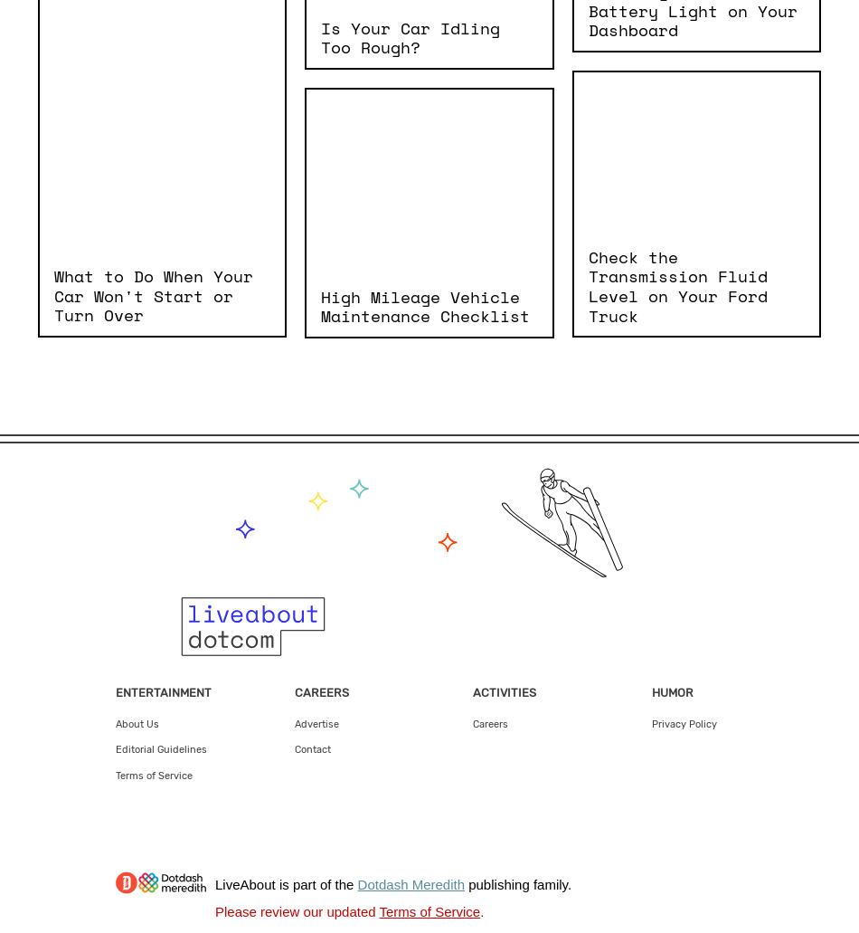 Image resolution: width=859 pixels, height=933 pixels. I want to click on 'Please review our updated', so click(296, 909).